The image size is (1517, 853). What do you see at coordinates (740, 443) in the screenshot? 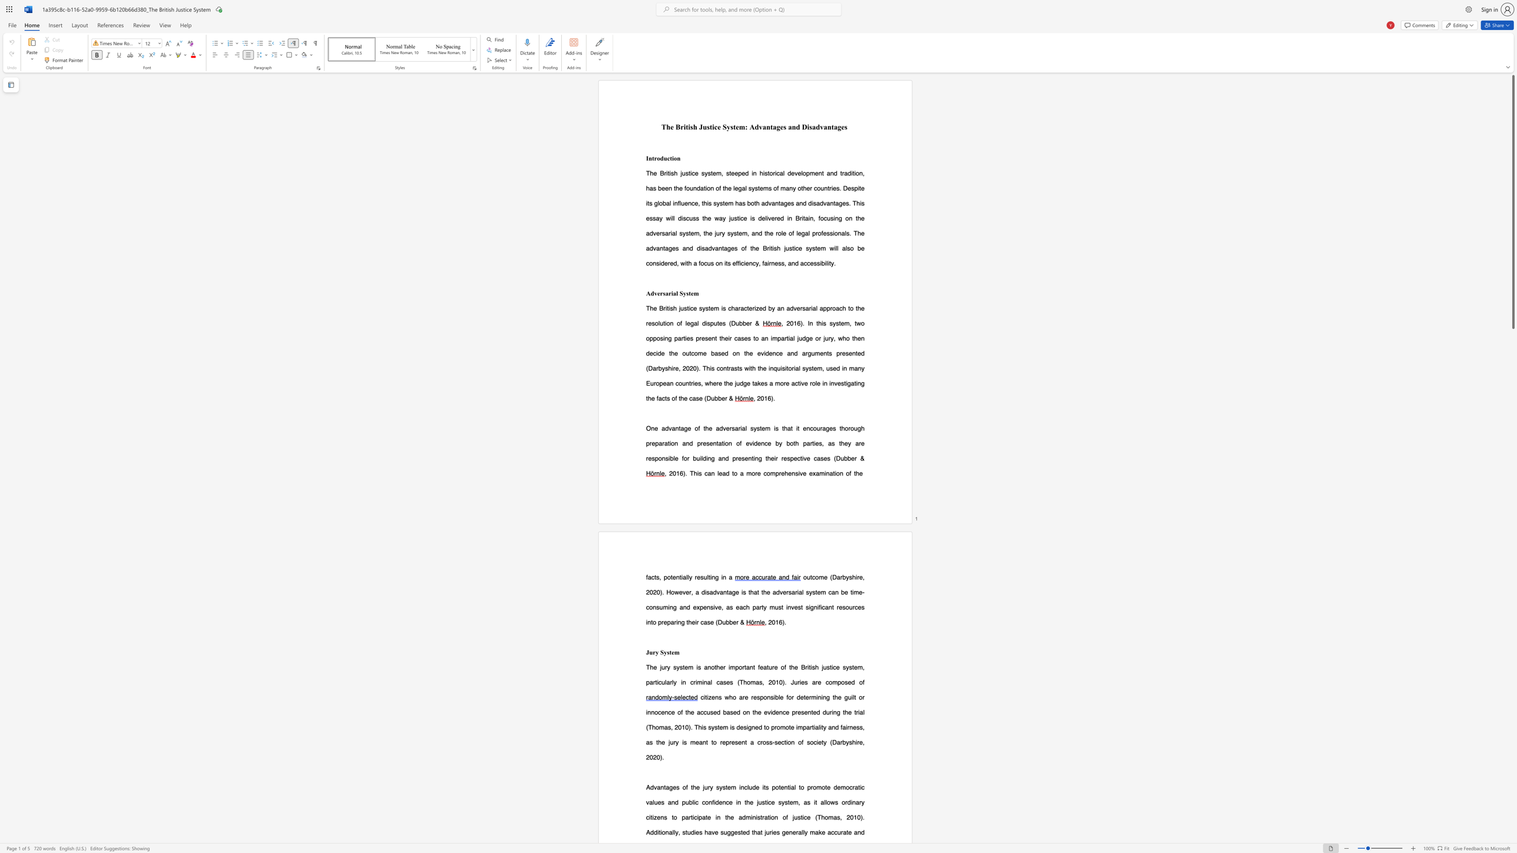
I see `the 2th character "f" in the text` at bounding box center [740, 443].